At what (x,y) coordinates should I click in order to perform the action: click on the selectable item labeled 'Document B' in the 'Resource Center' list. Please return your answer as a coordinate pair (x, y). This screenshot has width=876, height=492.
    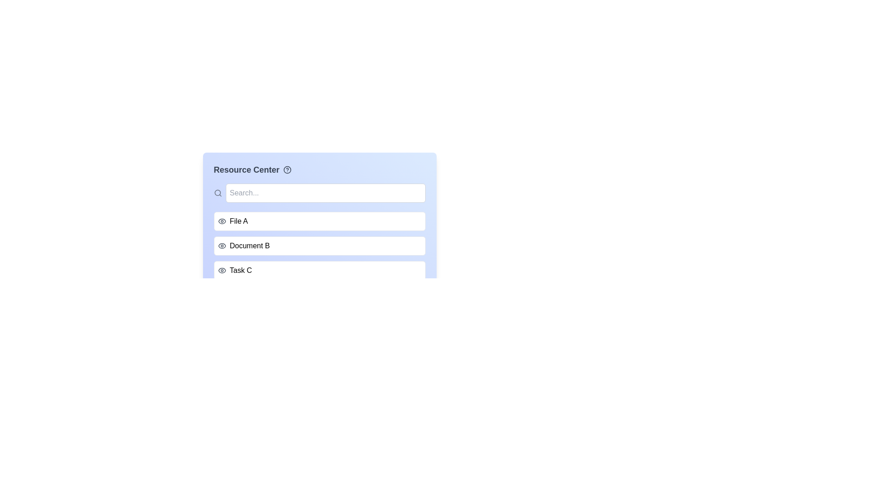
    Looking at the image, I should click on (319, 246).